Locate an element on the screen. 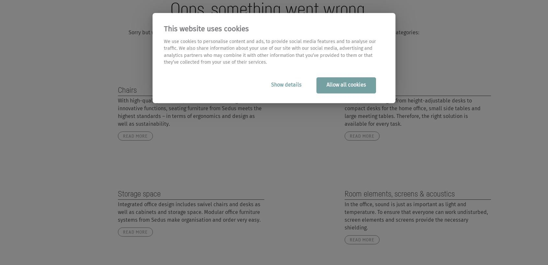 This screenshot has height=265, width=548. 'Integrated office design includes swivel chairs and desks as well as cabinets and storage space. Modular office furniture systems from Sedus make organisation and order very easy.' is located at coordinates (188, 212).